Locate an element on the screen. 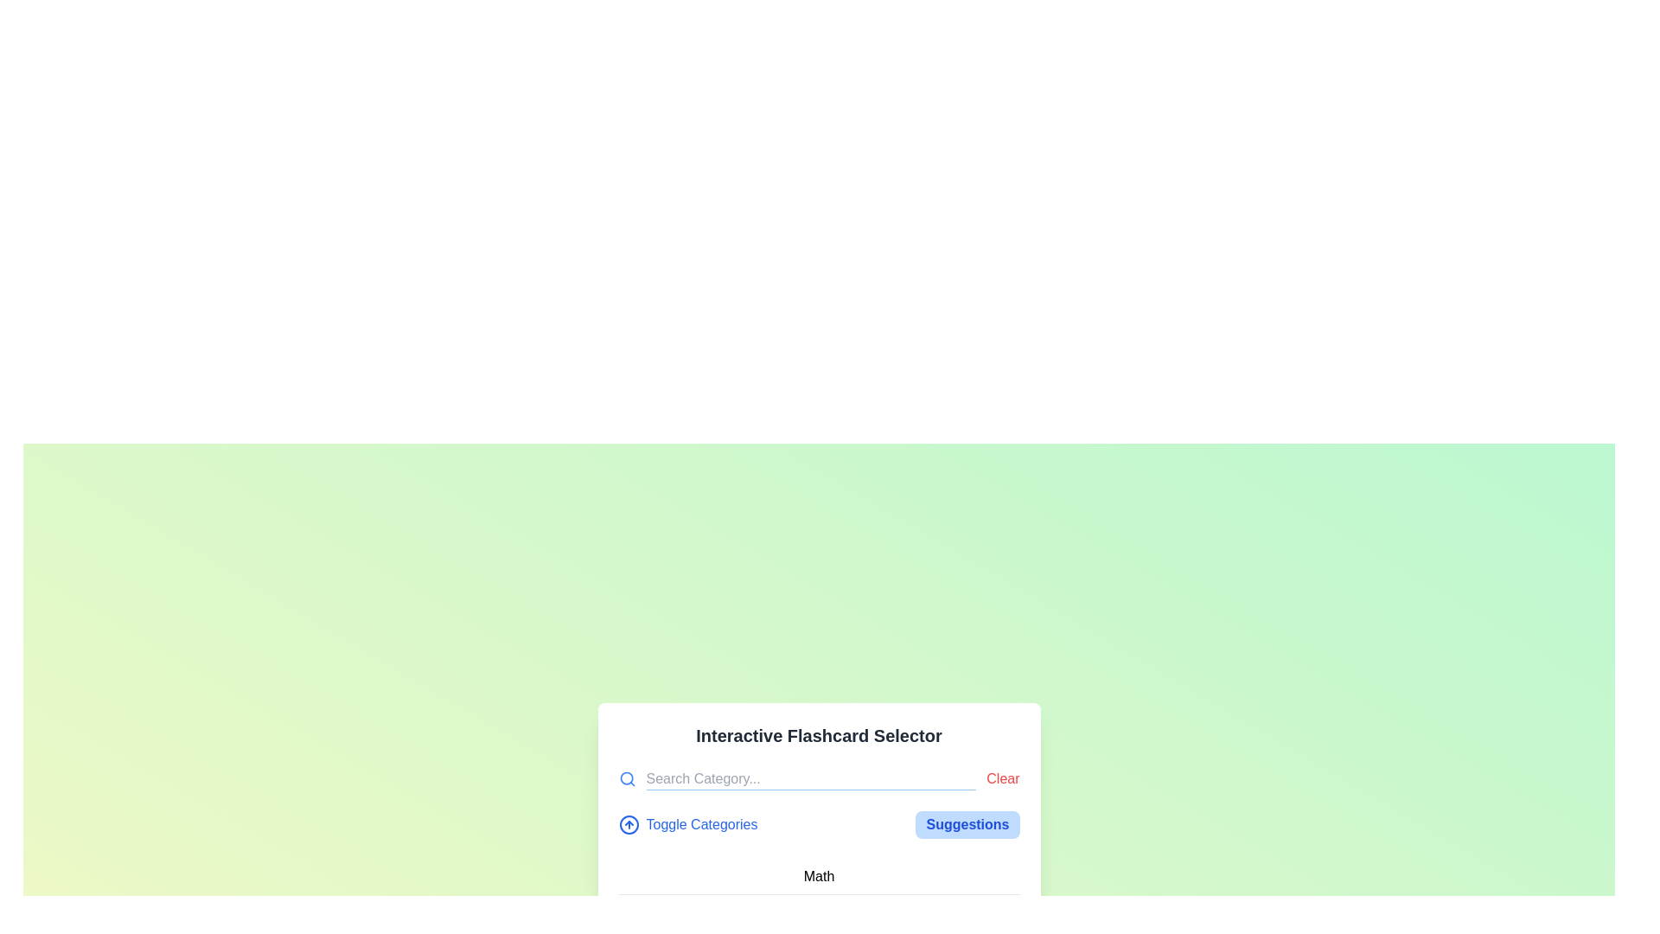 Image resolution: width=1660 pixels, height=934 pixels. the SVG icon depicting a circle with an upward-pointing arrow inside, which is located to the left of the 'Toggle Categories' text is located at coordinates (628, 823).